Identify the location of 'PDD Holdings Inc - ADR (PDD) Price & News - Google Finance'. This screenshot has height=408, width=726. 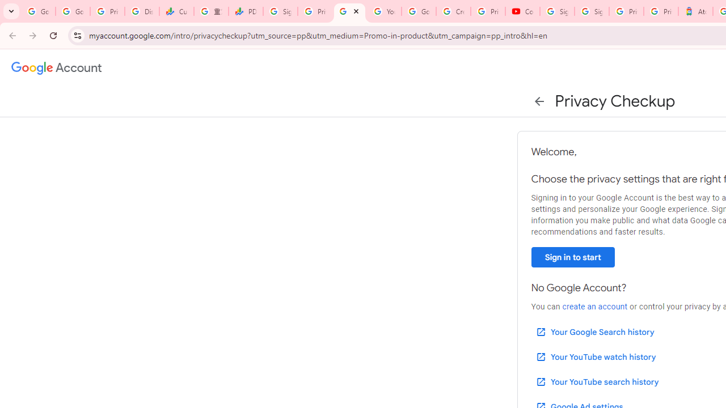
(245, 11).